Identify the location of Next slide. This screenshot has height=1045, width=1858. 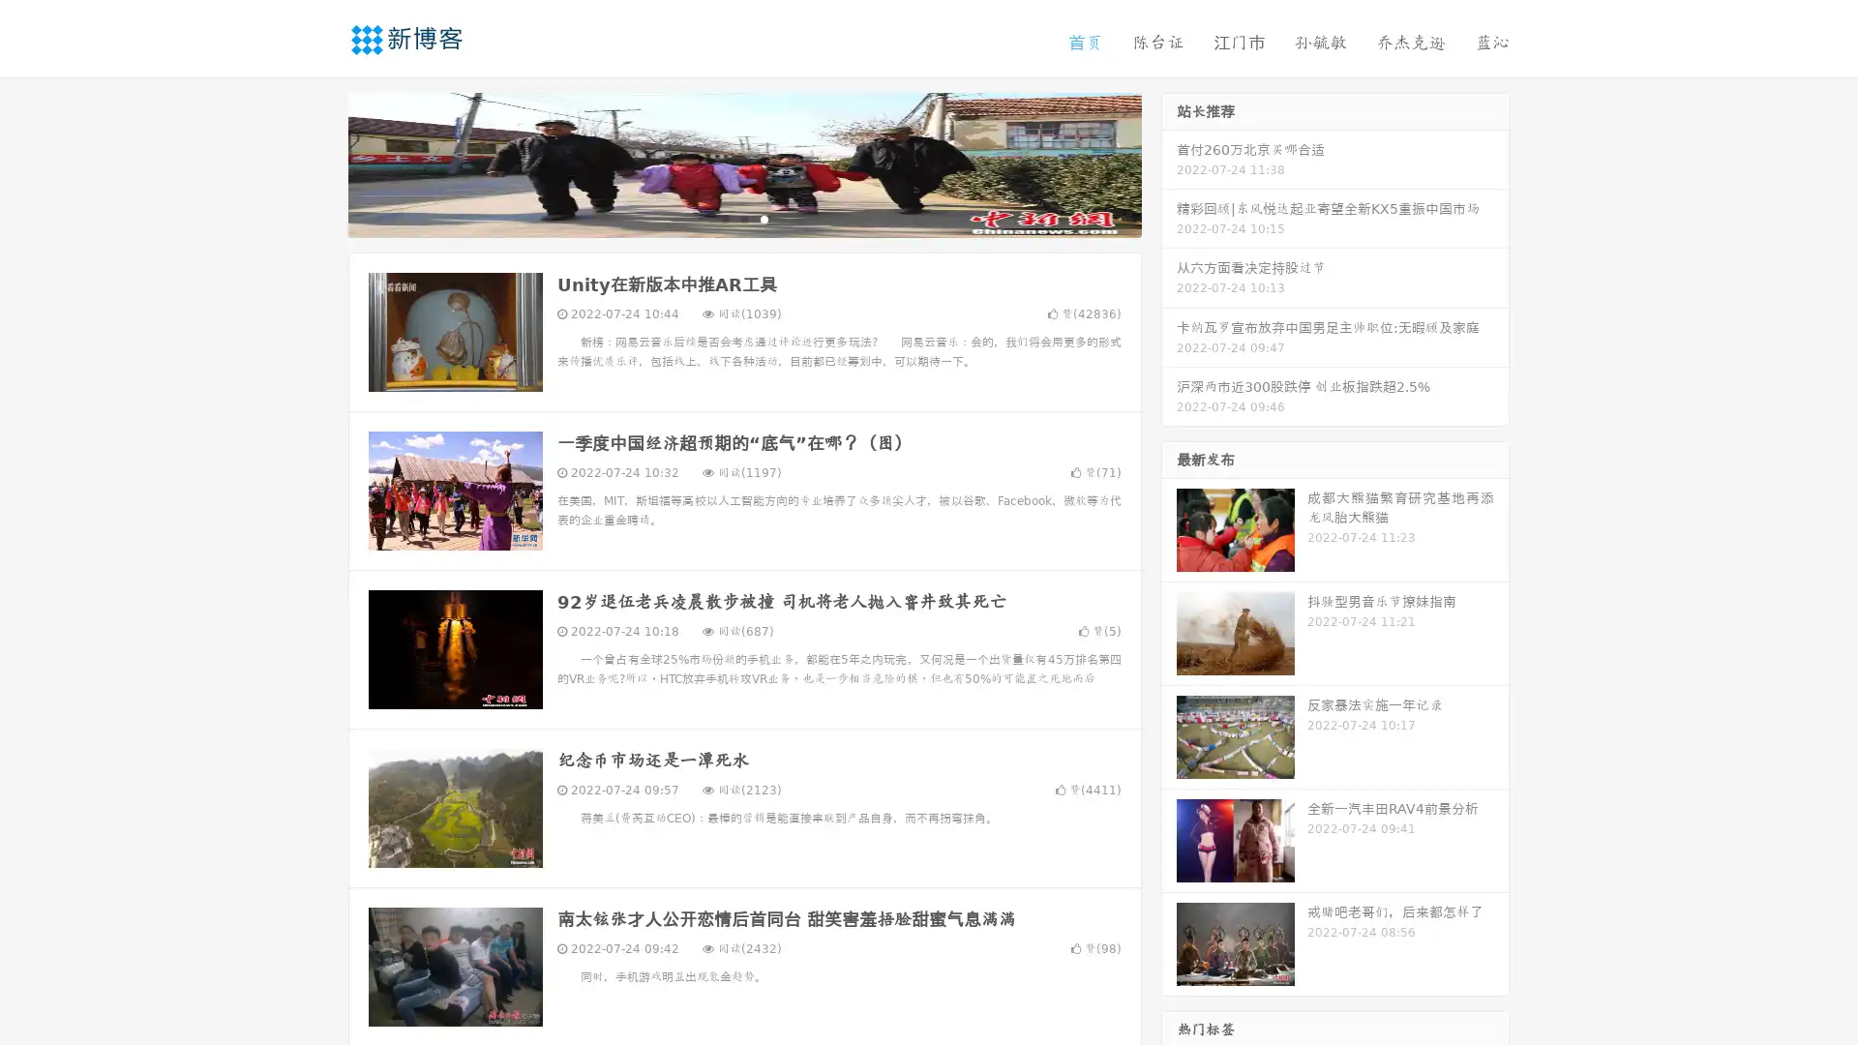
(1169, 163).